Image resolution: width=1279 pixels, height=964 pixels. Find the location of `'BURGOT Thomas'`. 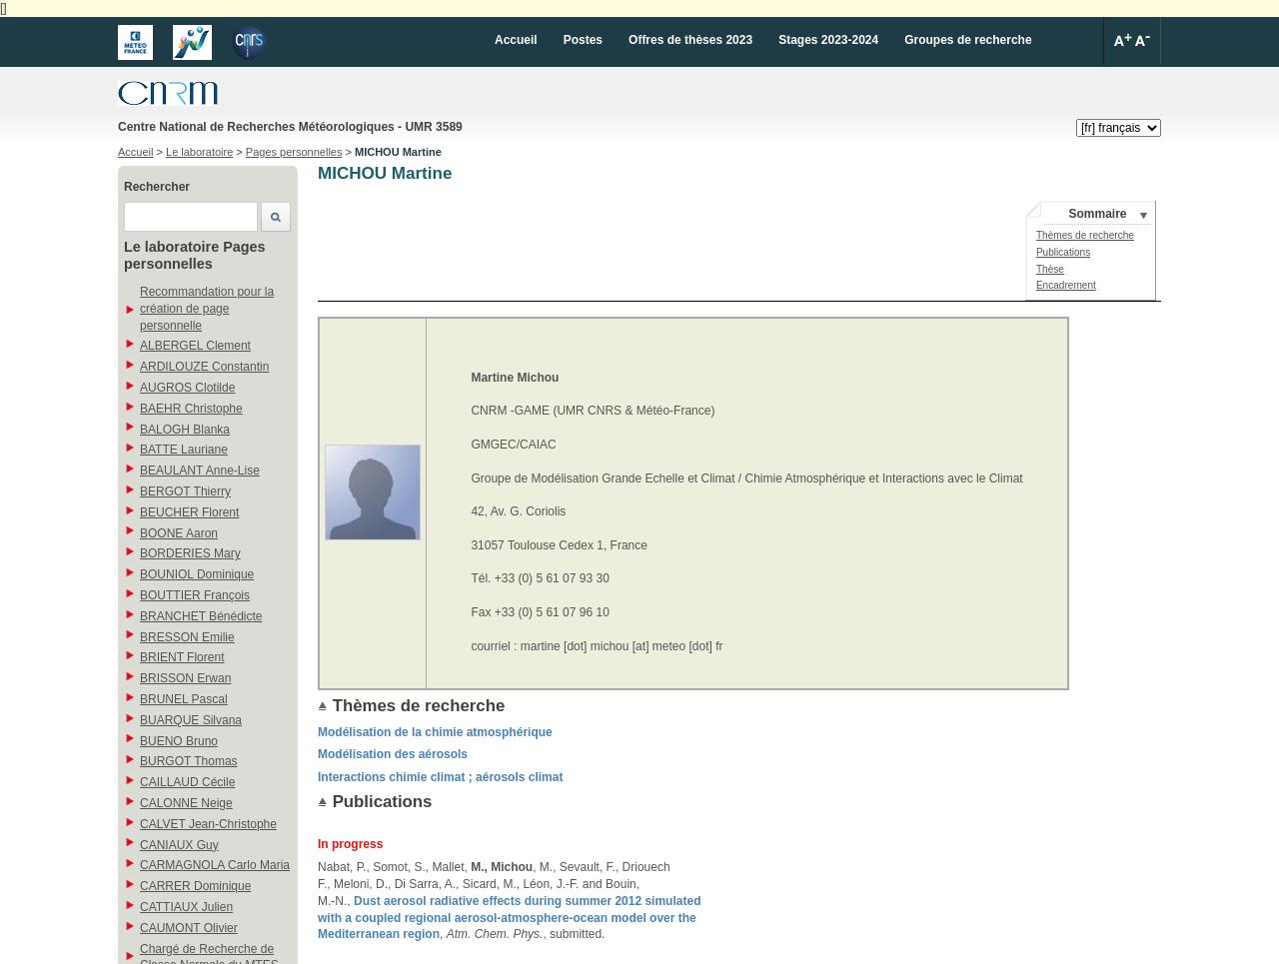

'BURGOT Thomas' is located at coordinates (188, 759).